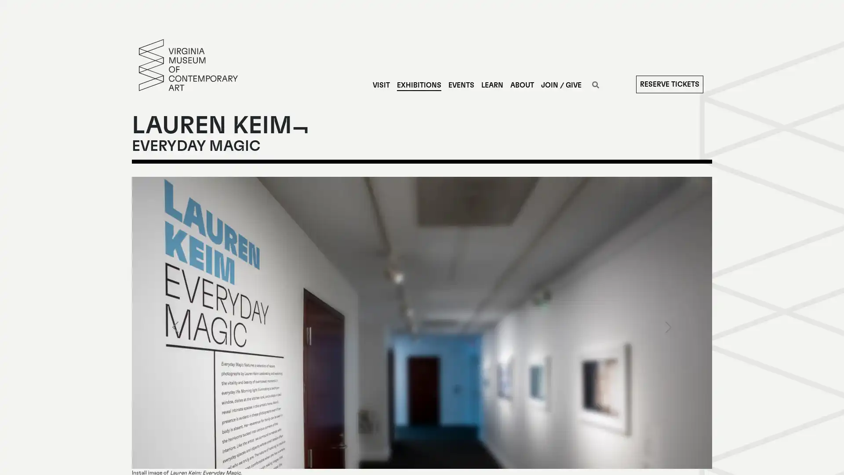 The width and height of the screenshot is (844, 475). What do you see at coordinates (381, 85) in the screenshot?
I see `VISIT` at bounding box center [381, 85].